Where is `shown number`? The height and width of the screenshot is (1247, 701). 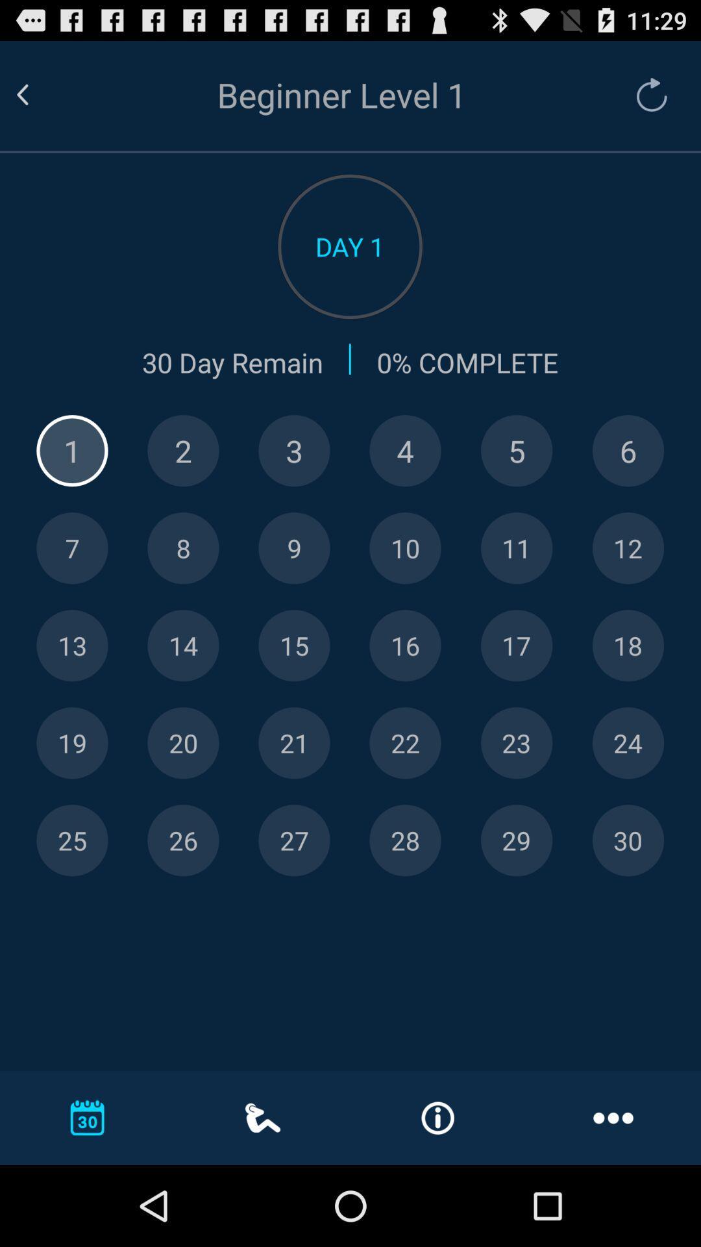
shown number is located at coordinates (72, 646).